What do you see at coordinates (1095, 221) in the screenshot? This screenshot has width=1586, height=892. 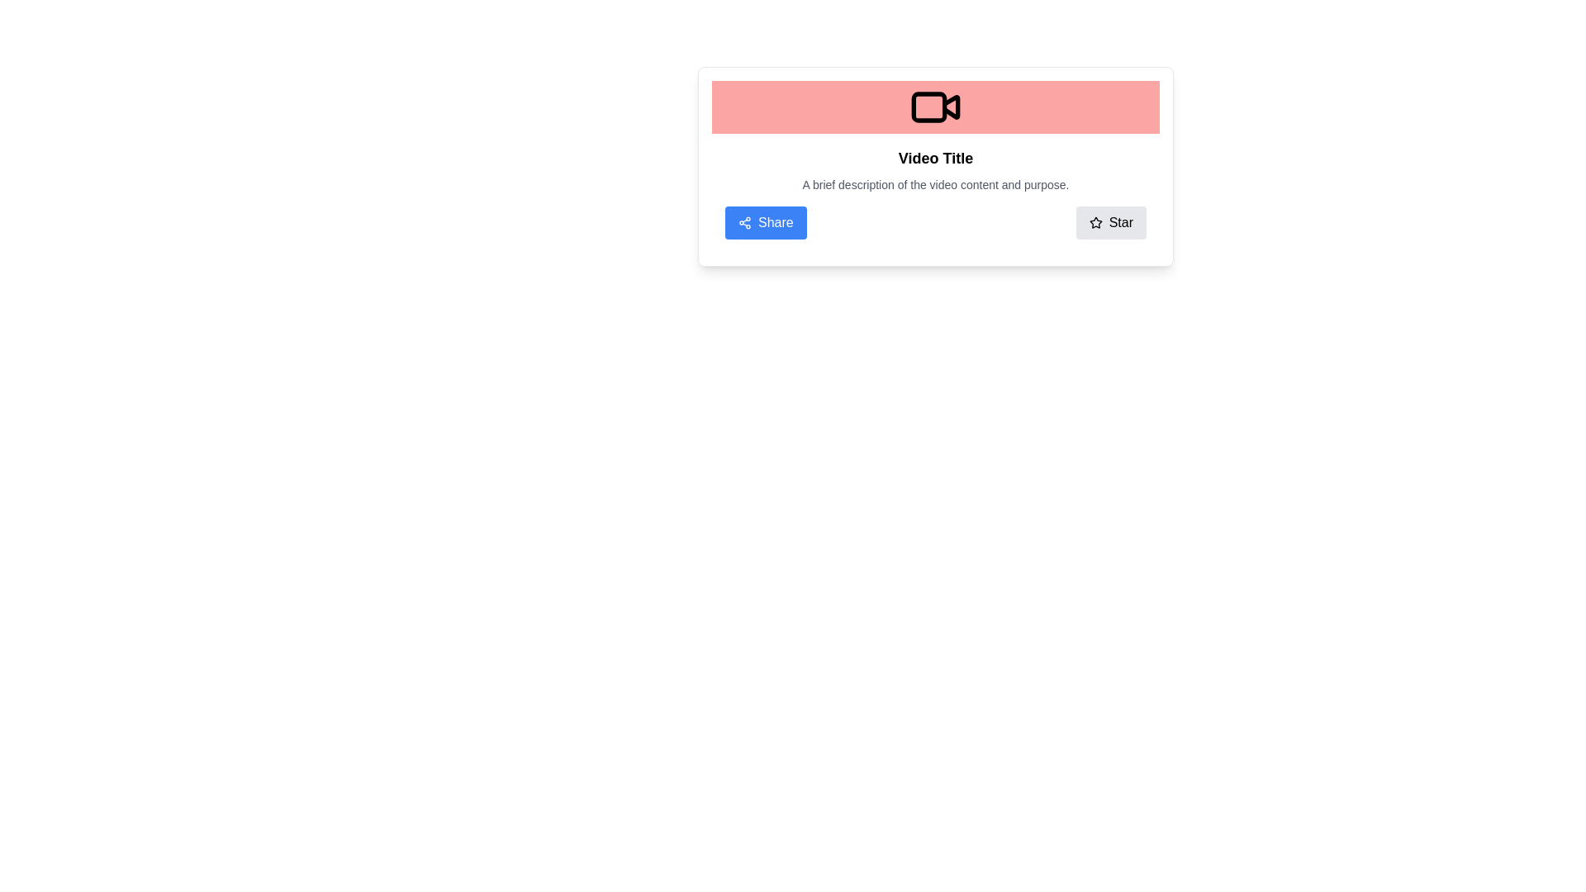 I see `the star icon within the 'Star' button located in the bottom-right corner of the card` at bounding box center [1095, 221].